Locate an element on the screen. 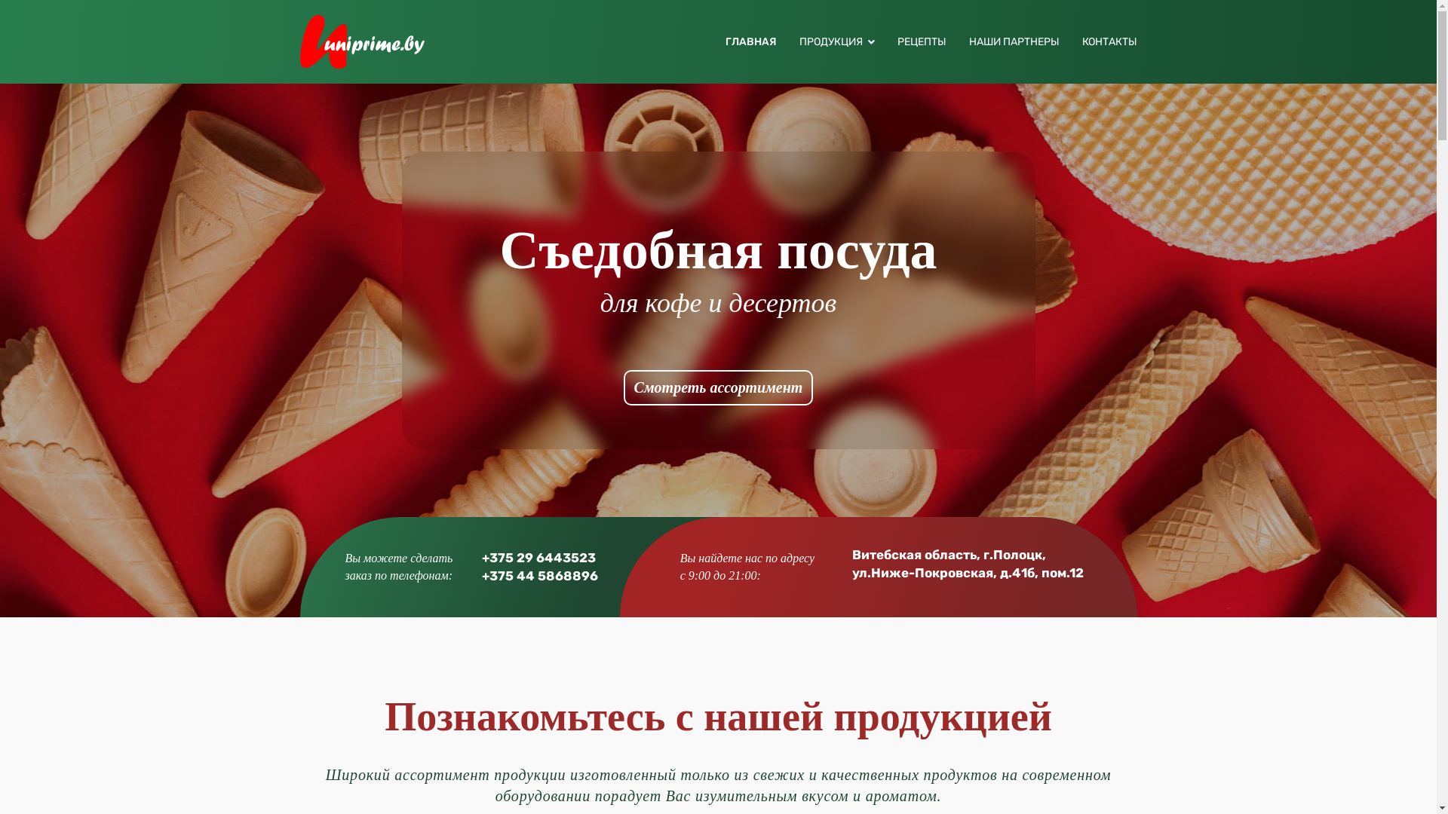 Image resolution: width=1448 pixels, height=814 pixels. '+375 44 5868896' is located at coordinates (539, 575).